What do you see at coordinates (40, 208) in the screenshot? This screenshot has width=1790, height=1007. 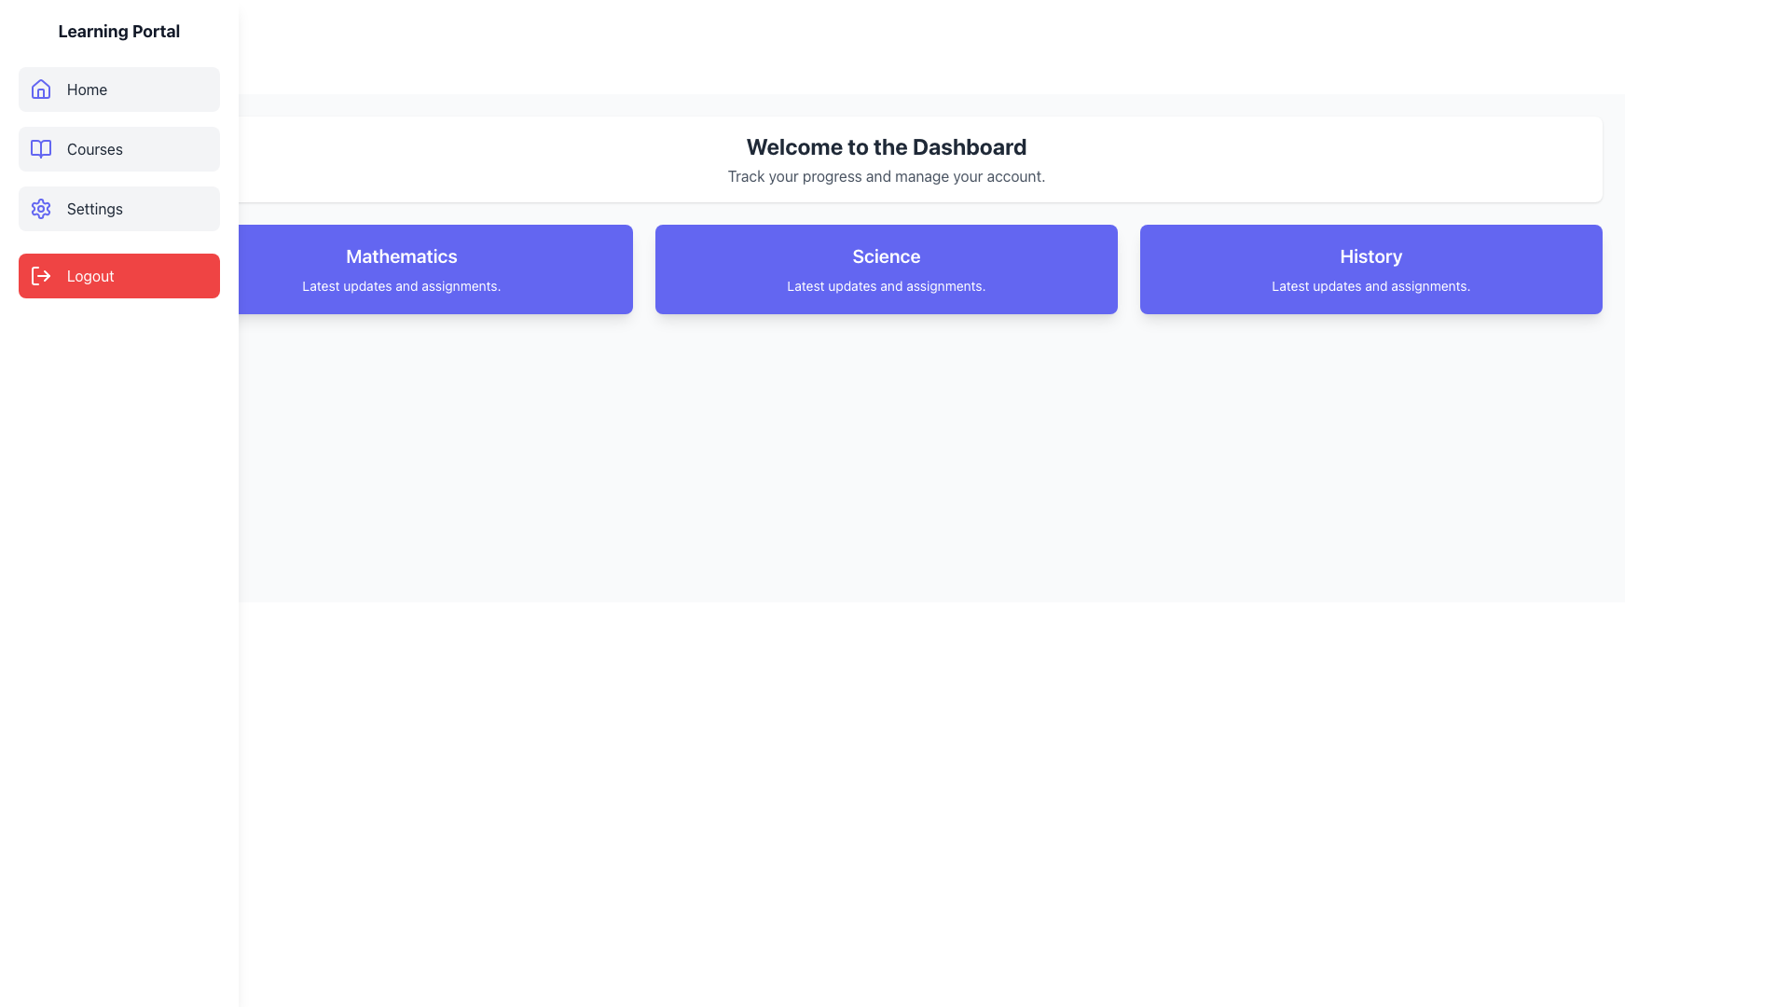 I see `the 'Settings' icon located in the left navigation bar, which serves as a visual indicator for the 'Settings' functionality` at bounding box center [40, 208].